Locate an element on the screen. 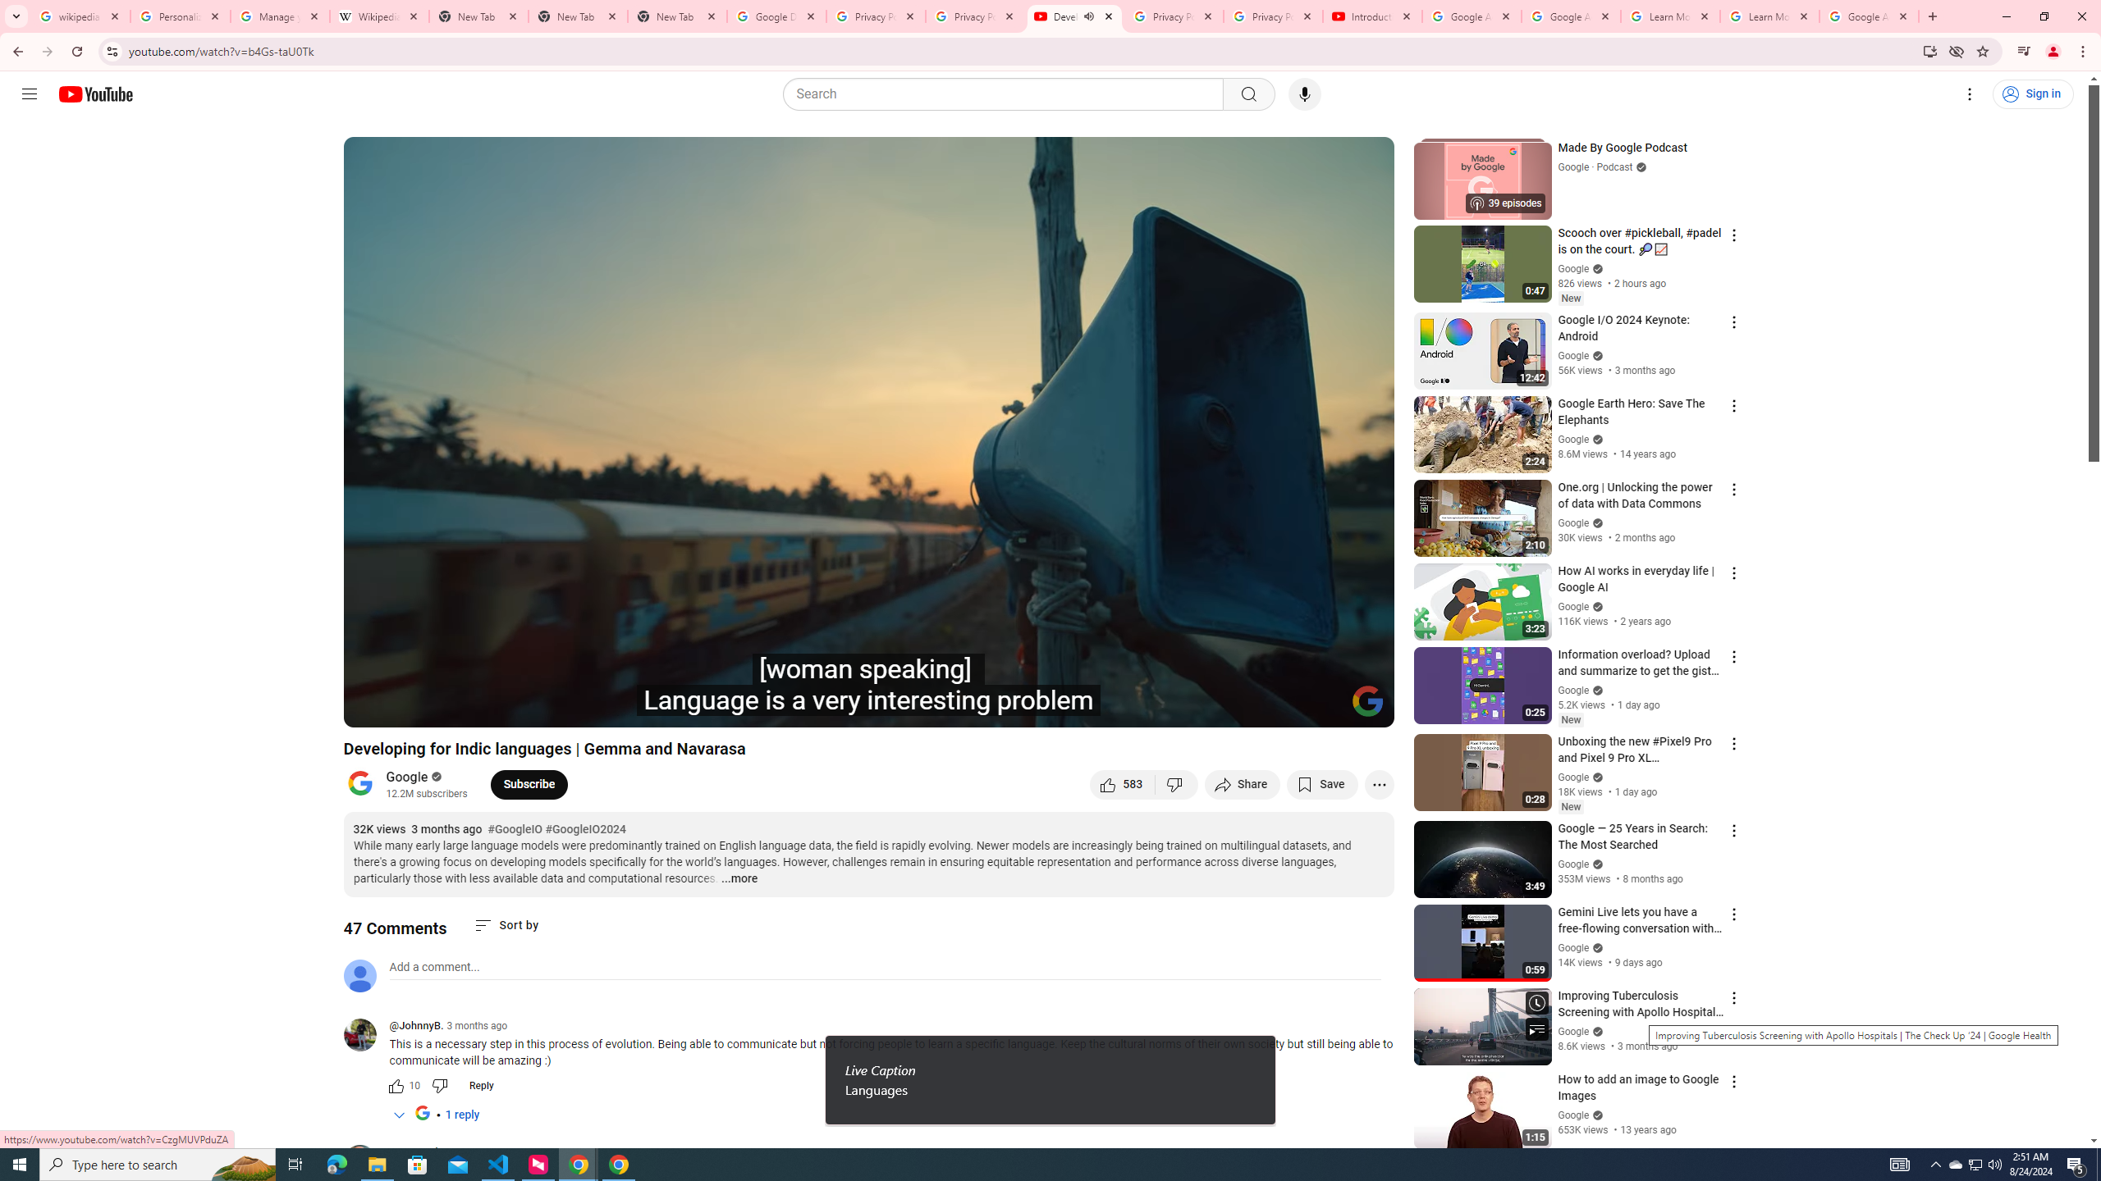  '...more' is located at coordinates (739, 879).